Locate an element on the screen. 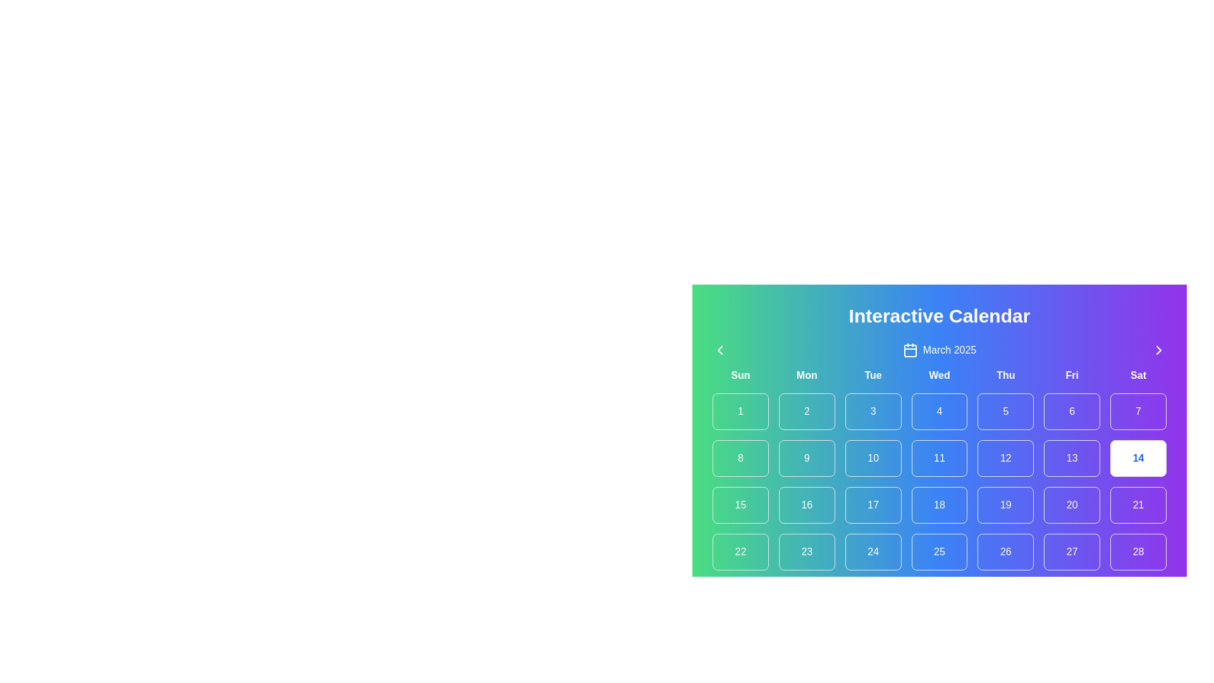 The height and width of the screenshot is (683, 1214). the clickable calendar date button representing the 20th date in the calendar layout is located at coordinates (1071, 504).